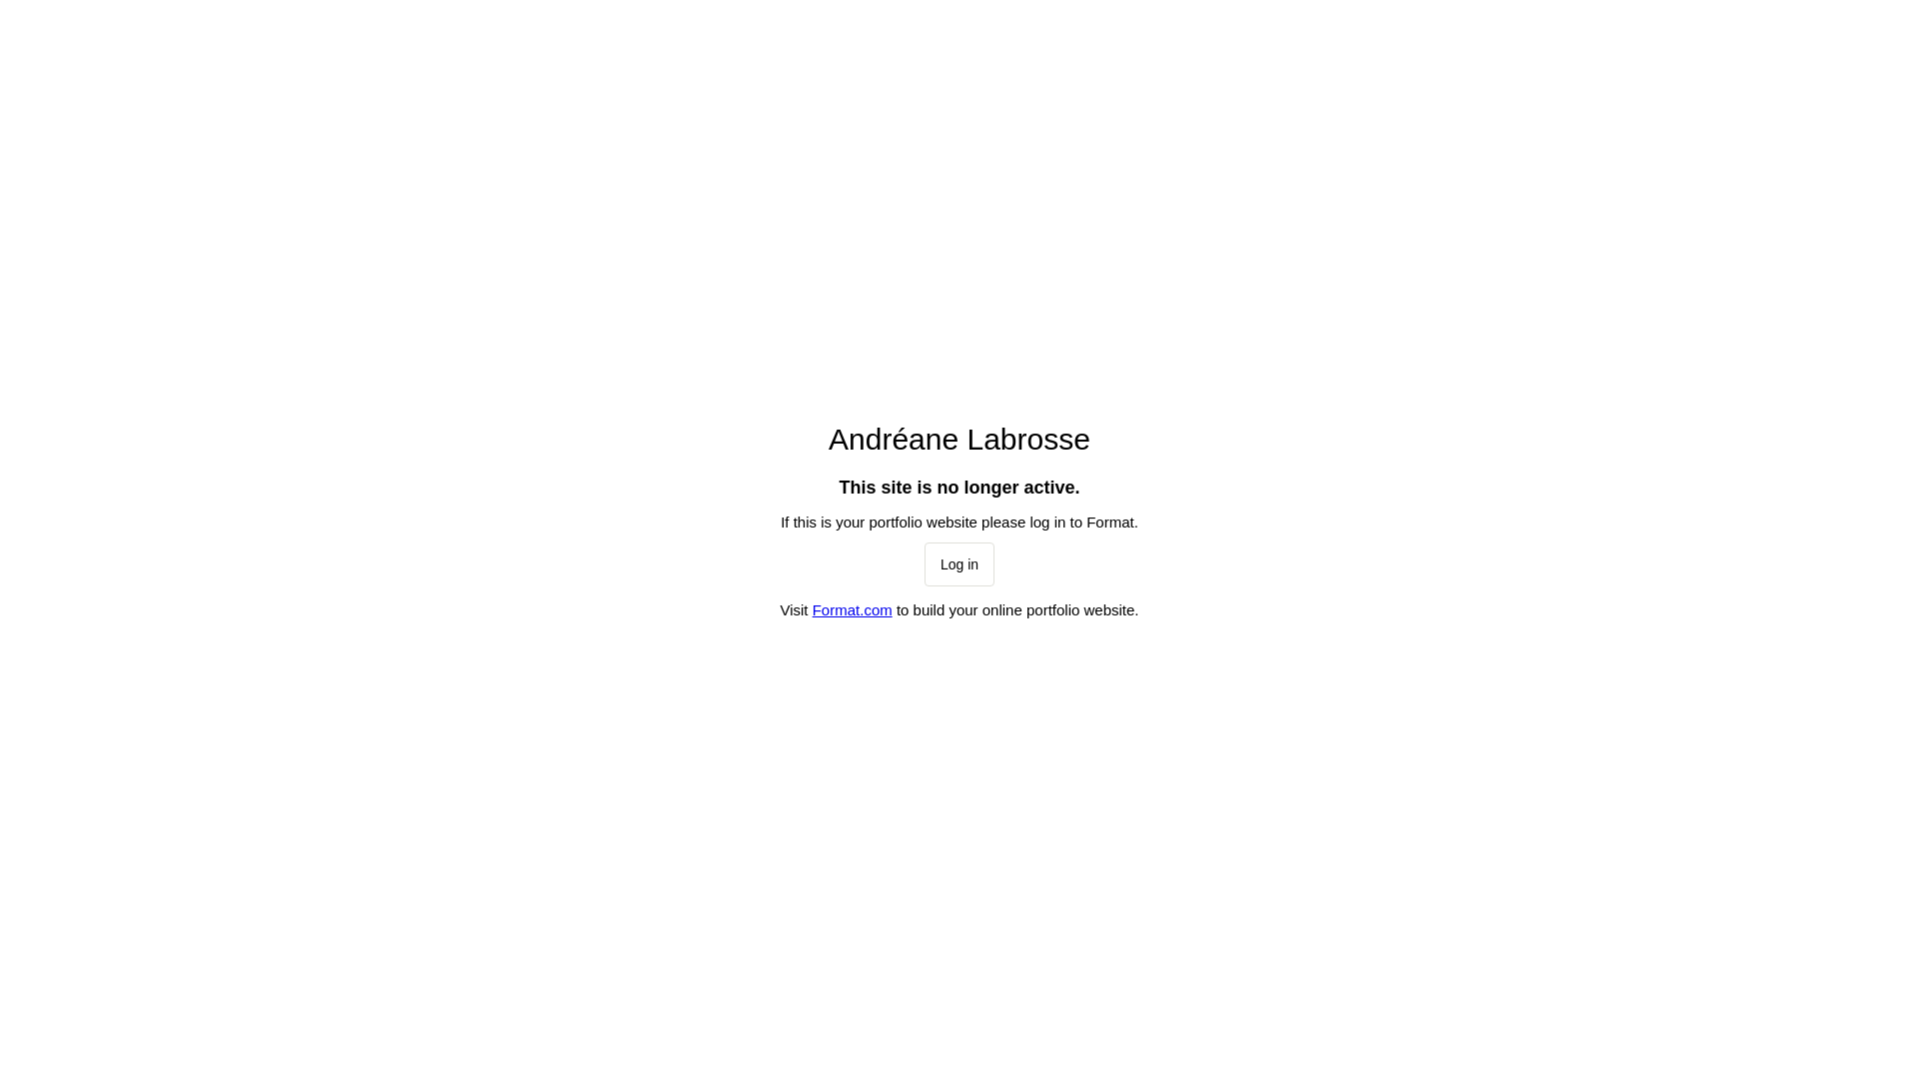 The image size is (1919, 1079). Describe the element at coordinates (853, 608) in the screenshot. I see `'Format.com'` at that location.